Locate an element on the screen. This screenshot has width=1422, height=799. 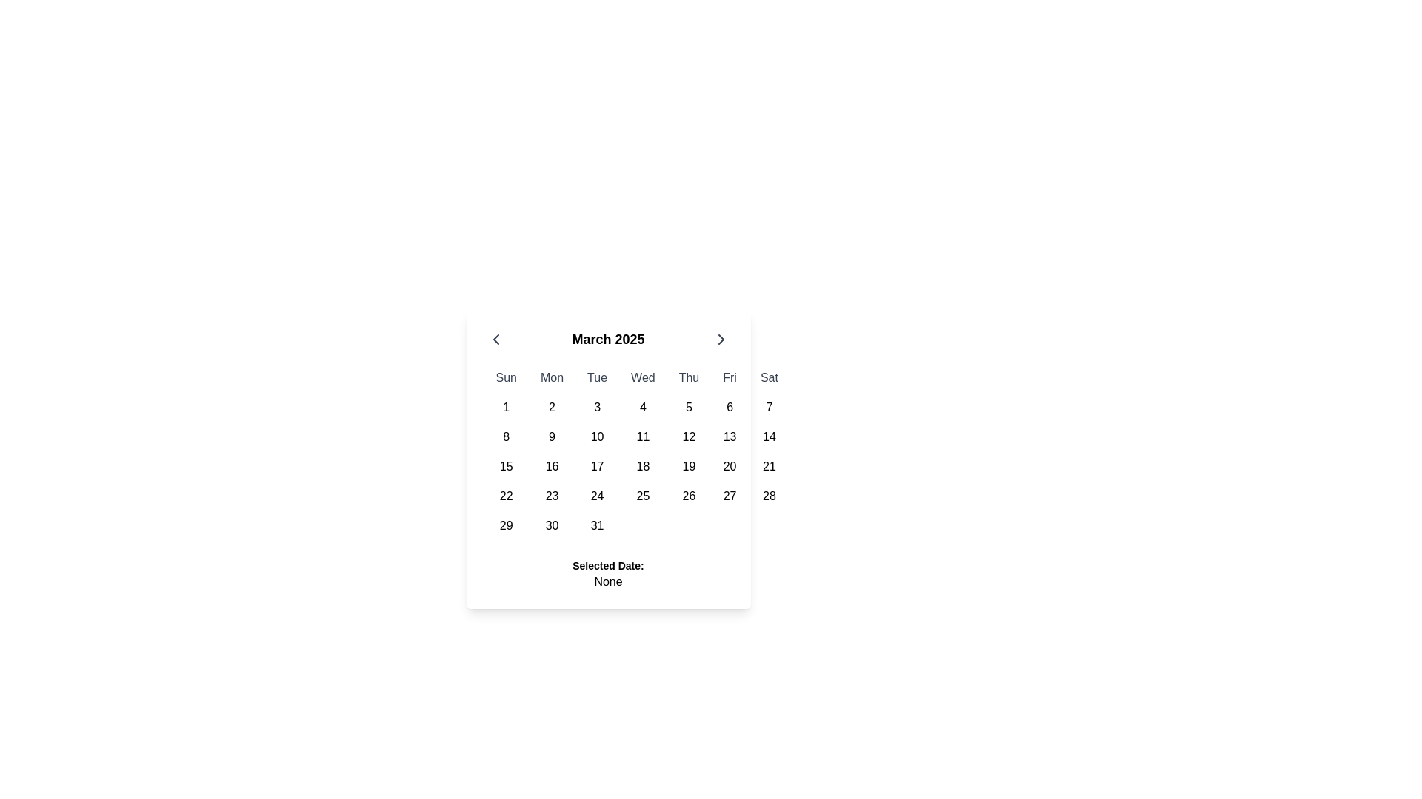
the chevron icon embedded within the navigation button at the top-right of the calendar interface is located at coordinates (721, 340).